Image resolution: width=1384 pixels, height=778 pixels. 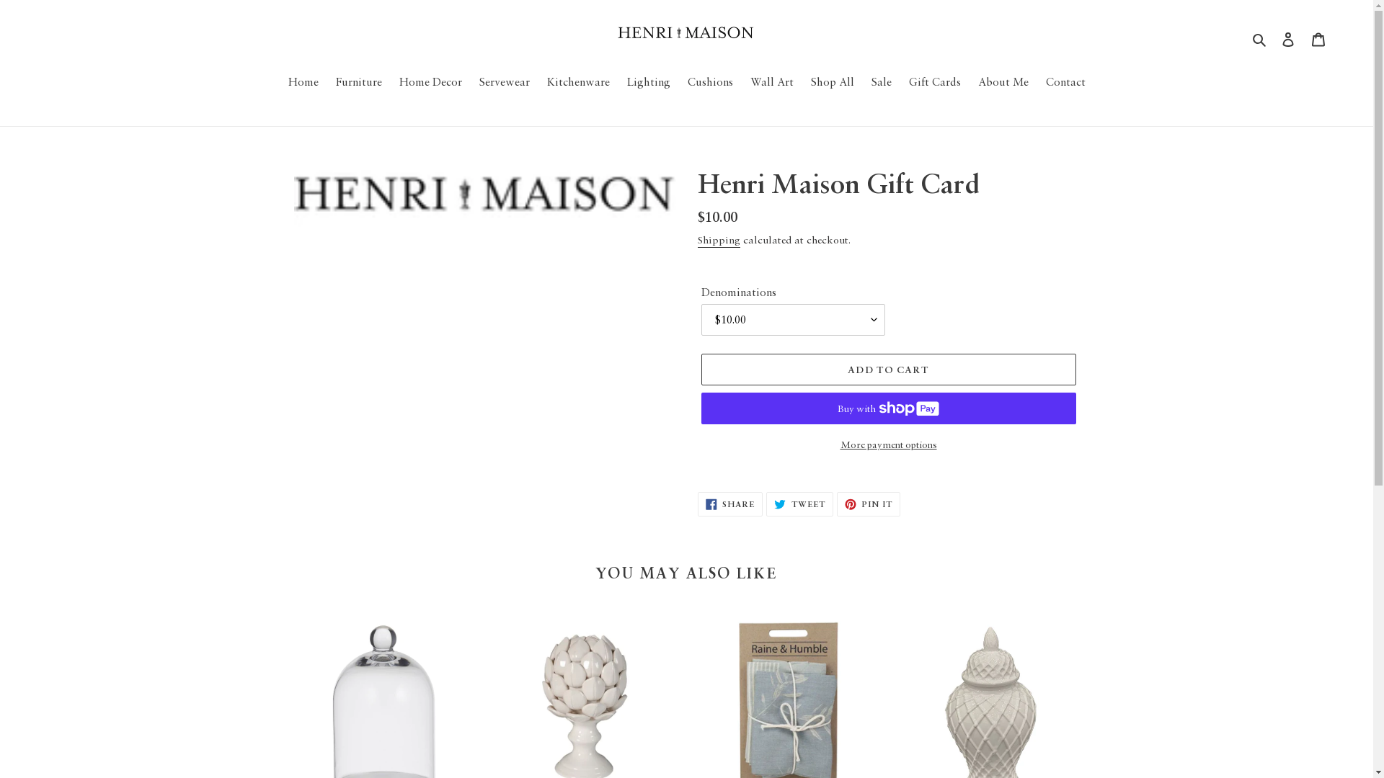 I want to click on 'Log in', so click(x=1273, y=37).